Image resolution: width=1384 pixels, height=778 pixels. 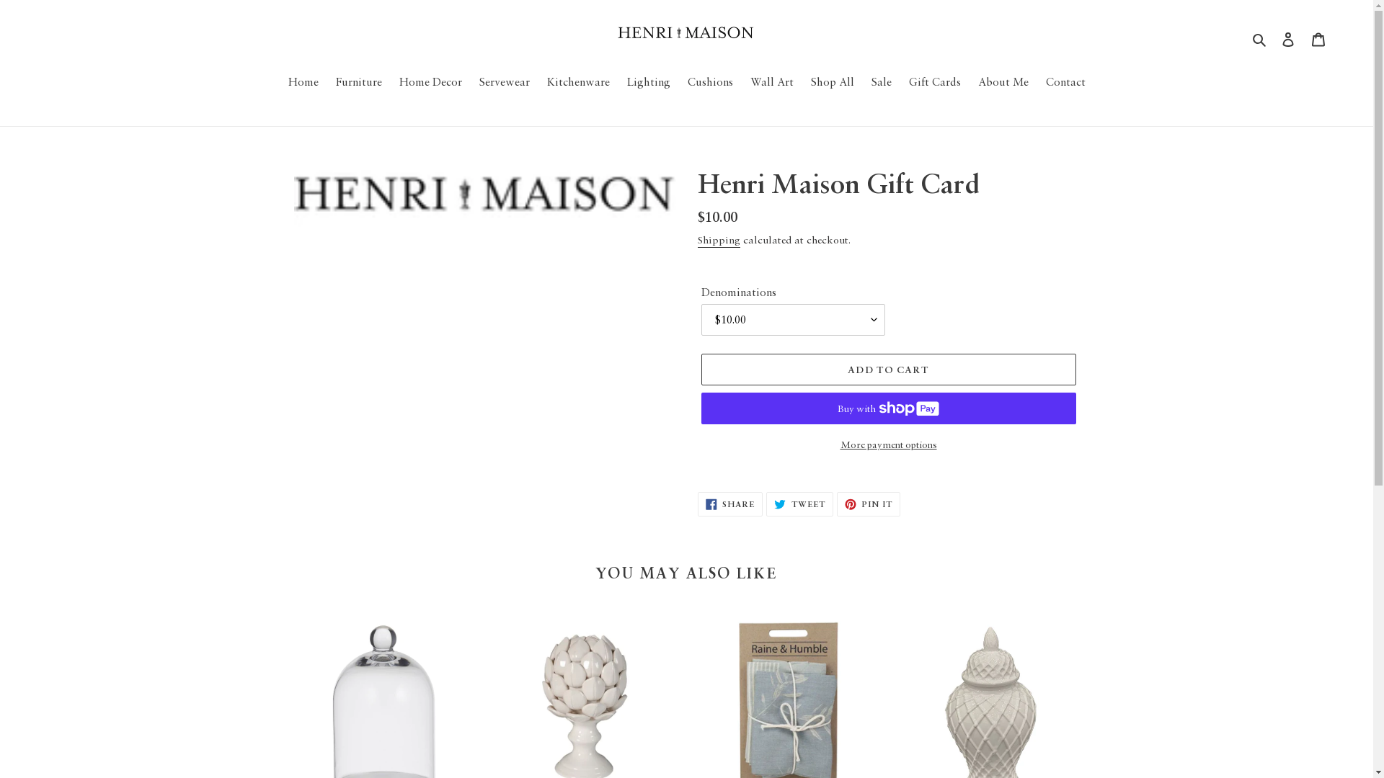 I want to click on 'Log in', so click(x=1273, y=37).